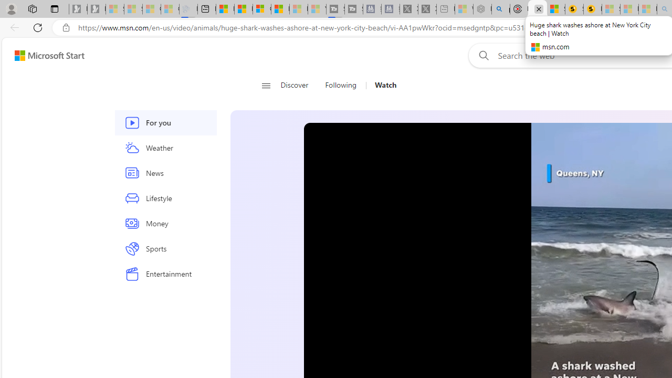 The width and height of the screenshot is (672, 378). Describe the element at coordinates (266, 85) in the screenshot. I see `'Class: button-glyph'` at that location.